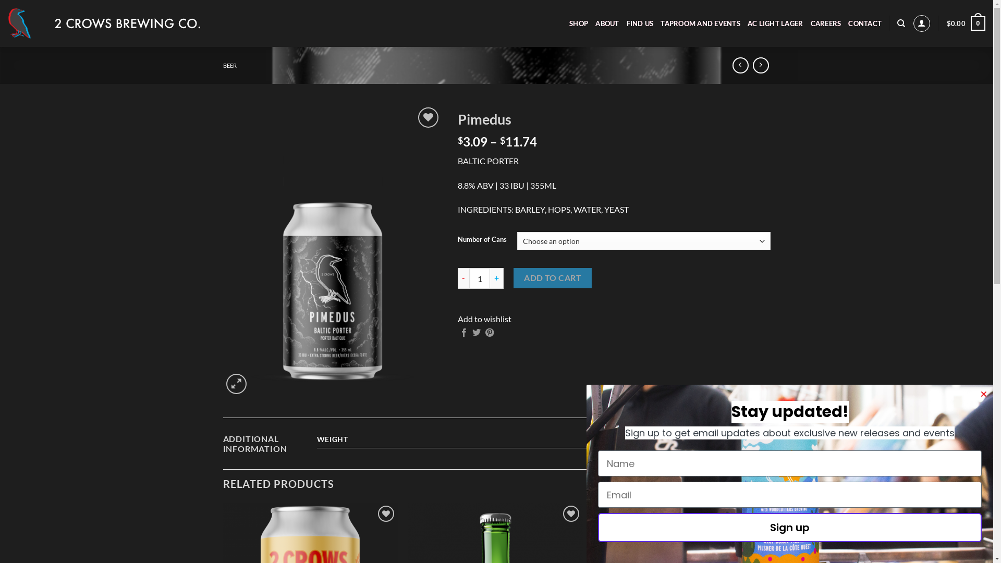 The image size is (1001, 563). What do you see at coordinates (578, 23) in the screenshot?
I see `'SHOP'` at bounding box center [578, 23].